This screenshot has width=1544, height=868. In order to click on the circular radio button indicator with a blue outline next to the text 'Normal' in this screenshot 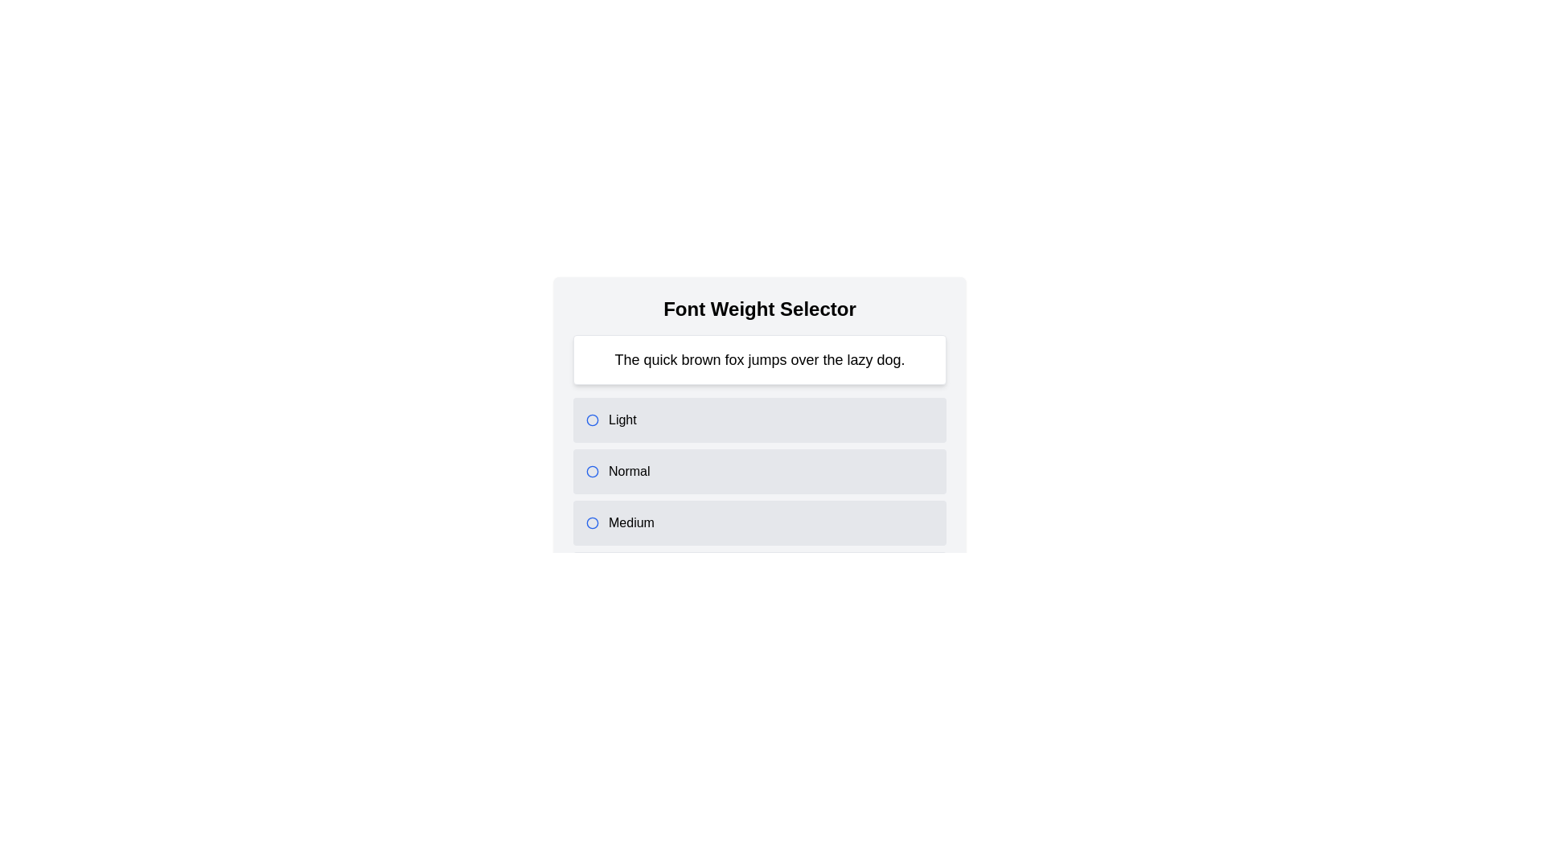, I will do `click(592, 470)`.